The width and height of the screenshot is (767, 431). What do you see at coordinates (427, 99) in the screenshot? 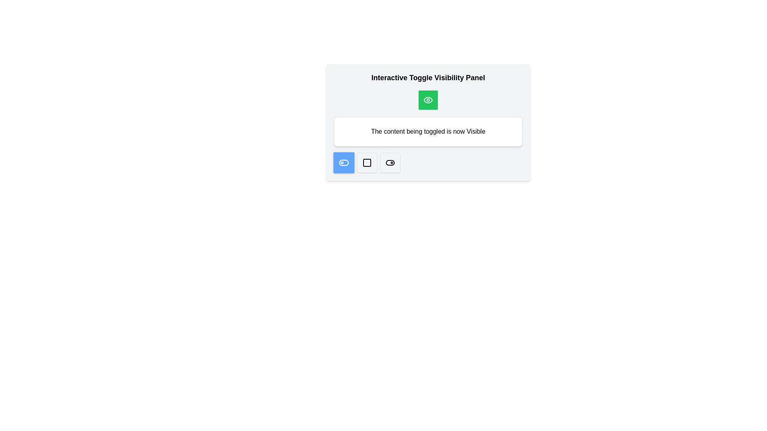
I see `the visually distinct green button with a white eye icon at the center` at bounding box center [427, 99].